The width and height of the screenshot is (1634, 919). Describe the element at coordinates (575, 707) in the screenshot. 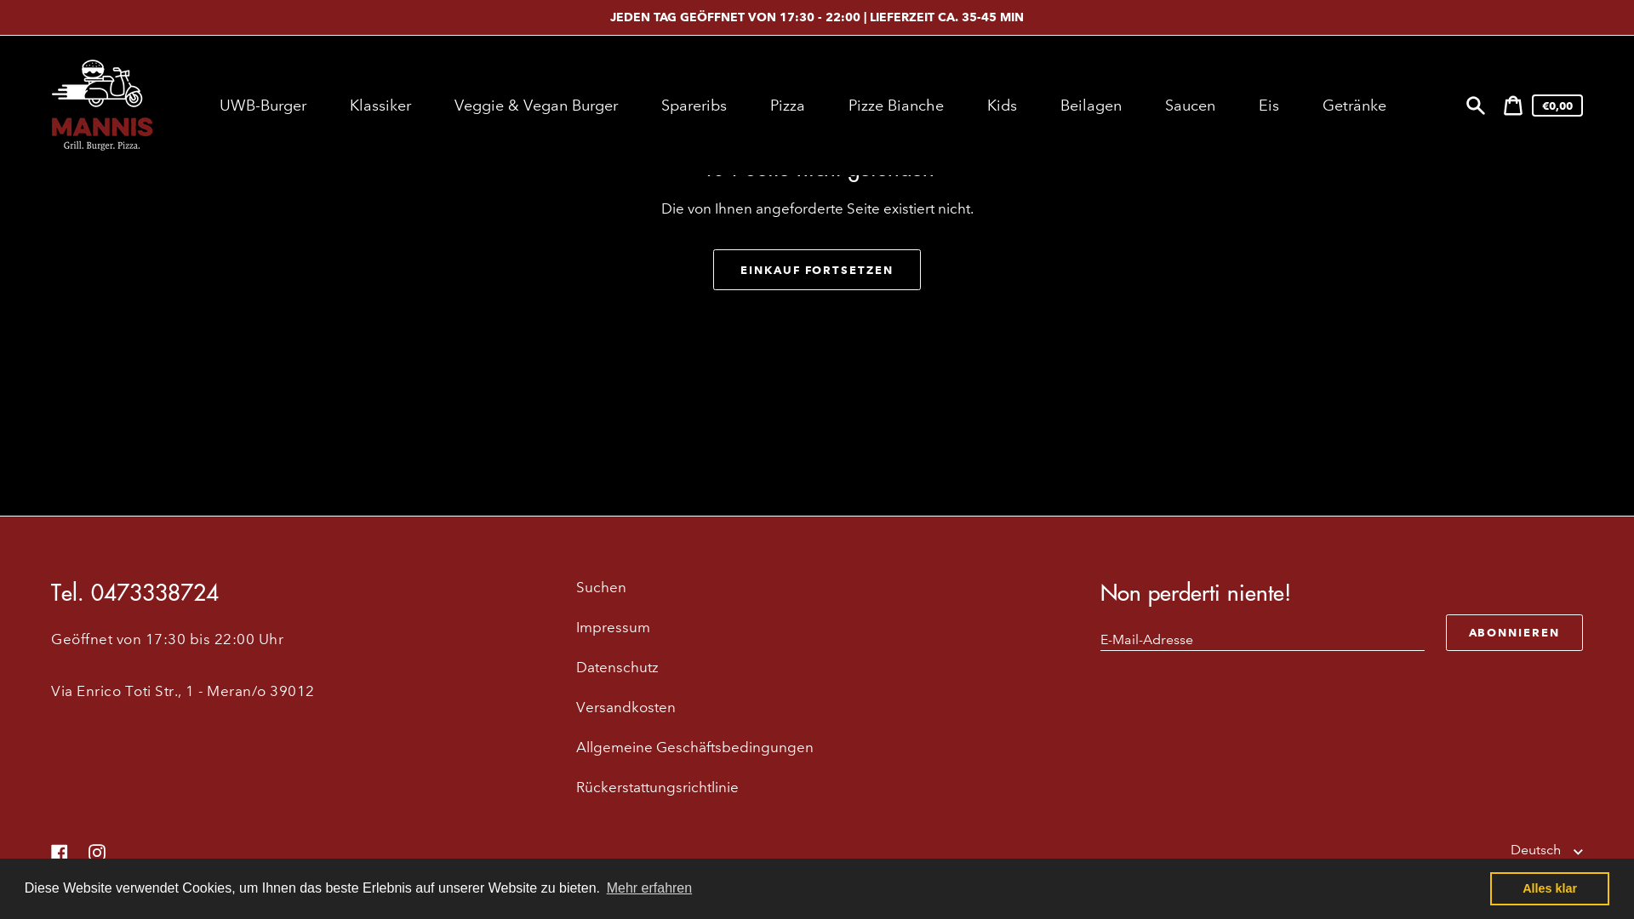

I see `'Versandkosten'` at that location.